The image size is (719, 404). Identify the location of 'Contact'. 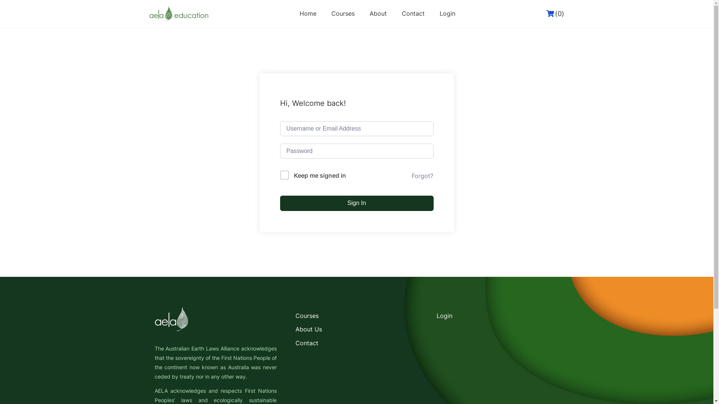
(413, 13).